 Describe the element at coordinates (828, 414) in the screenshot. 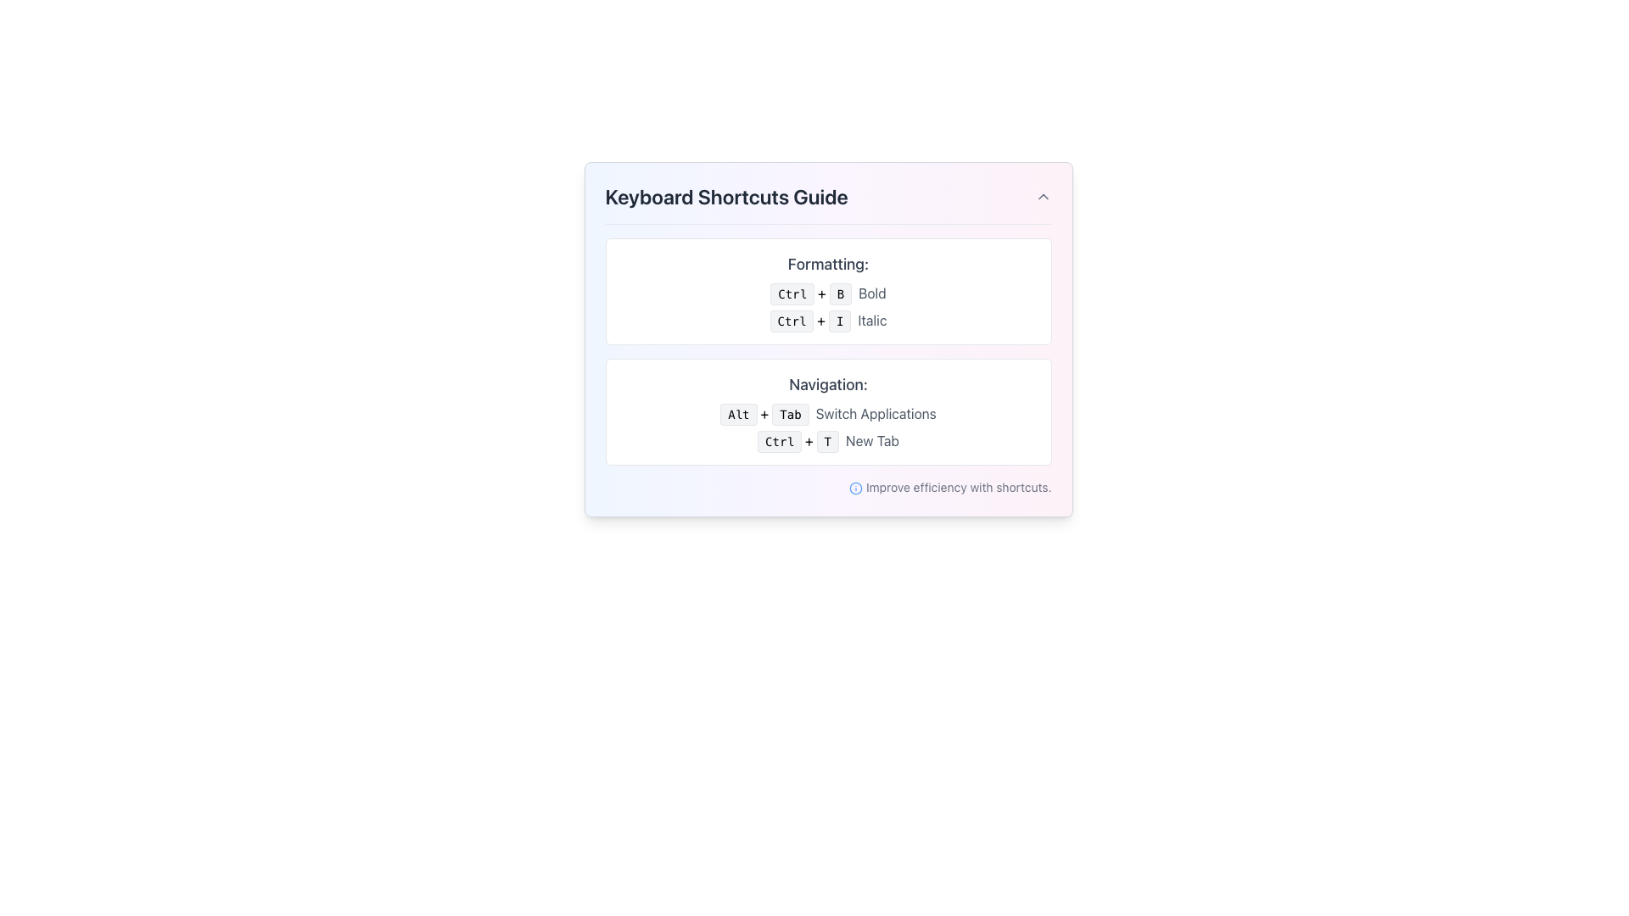

I see `the informational text displaying 'Alt + Tab Switch Applications', which is styled with rounded containers for 'Alt' and 'Tab', located under the 'Navigation:' section` at that location.